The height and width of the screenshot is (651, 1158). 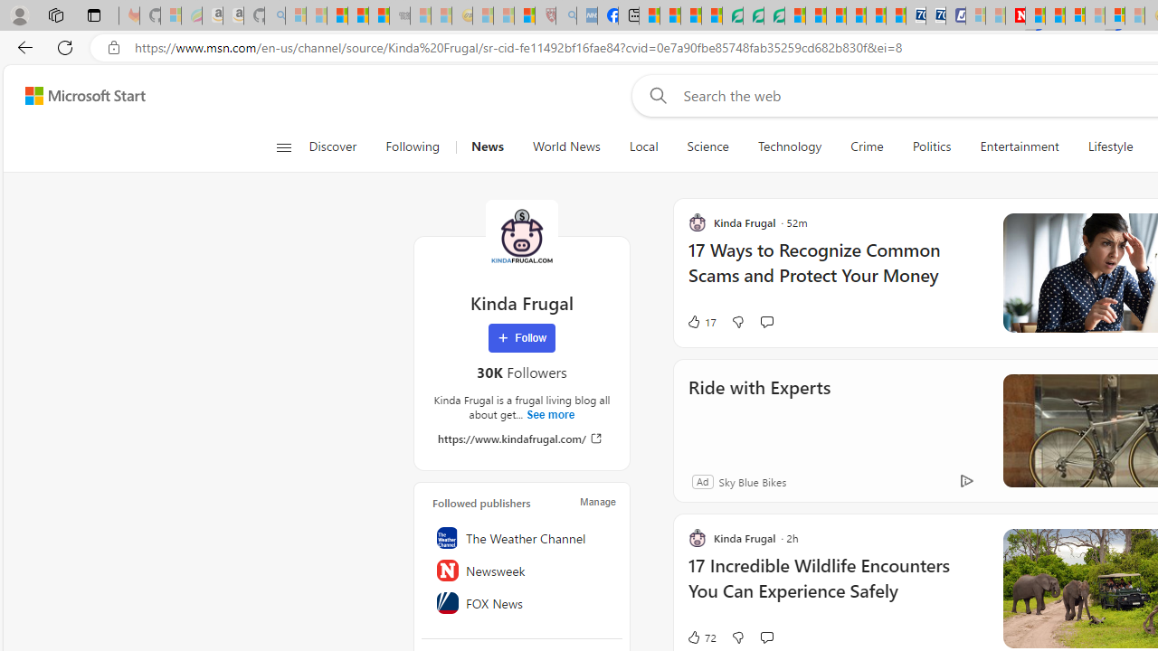 What do you see at coordinates (378, 15) in the screenshot?
I see `'New Report Confirms 2023 Was Record Hot | Watch'` at bounding box center [378, 15].